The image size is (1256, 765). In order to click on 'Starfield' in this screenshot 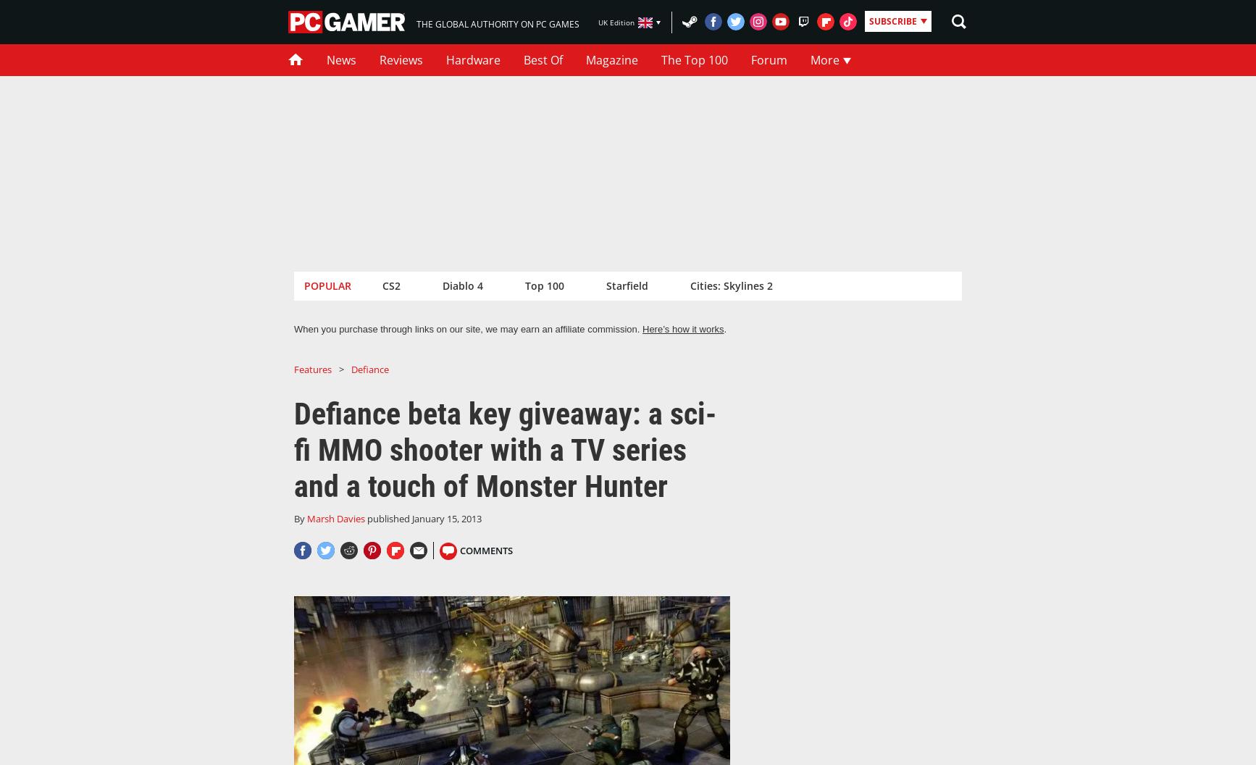, I will do `click(626, 285)`.